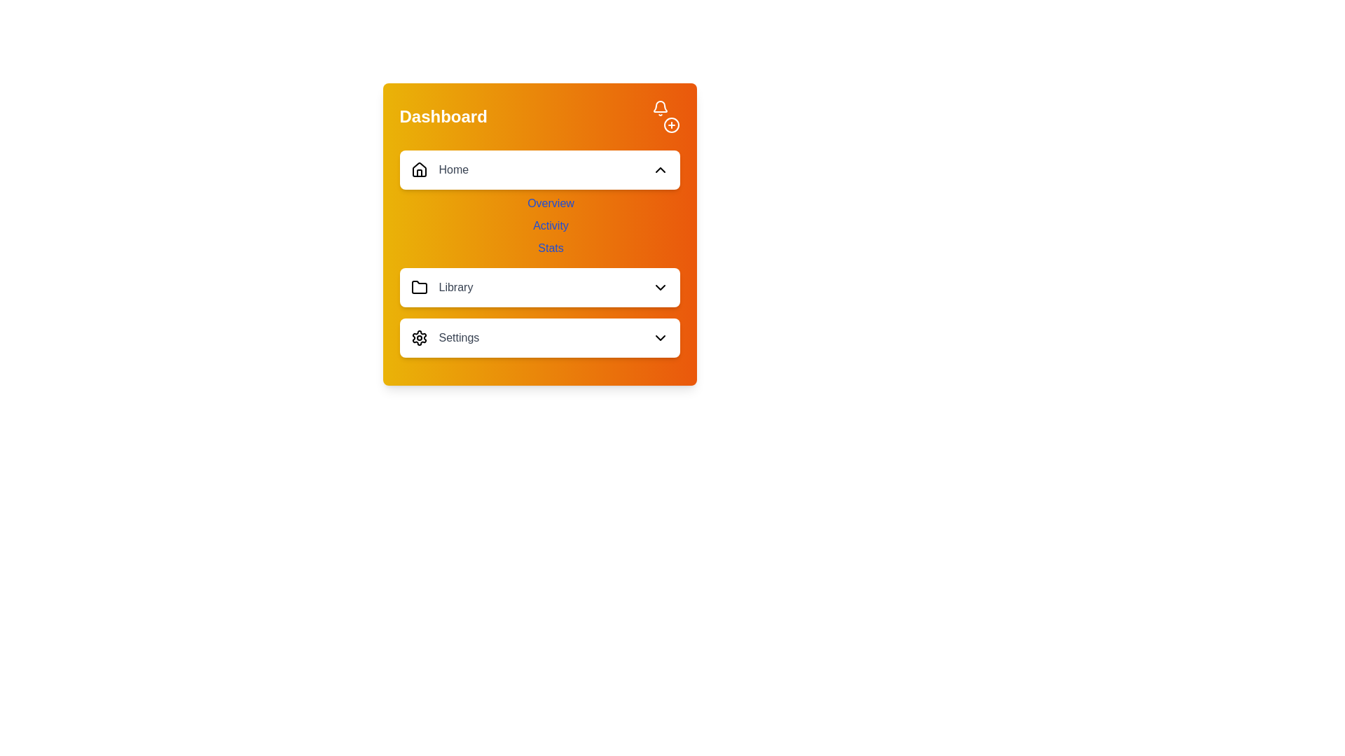 The height and width of the screenshot is (756, 1345). What do you see at coordinates (665, 115) in the screenshot?
I see `the circular plus icon in the top-right corner of the Dashboard section to initiate an add or create action` at bounding box center [665, 115].